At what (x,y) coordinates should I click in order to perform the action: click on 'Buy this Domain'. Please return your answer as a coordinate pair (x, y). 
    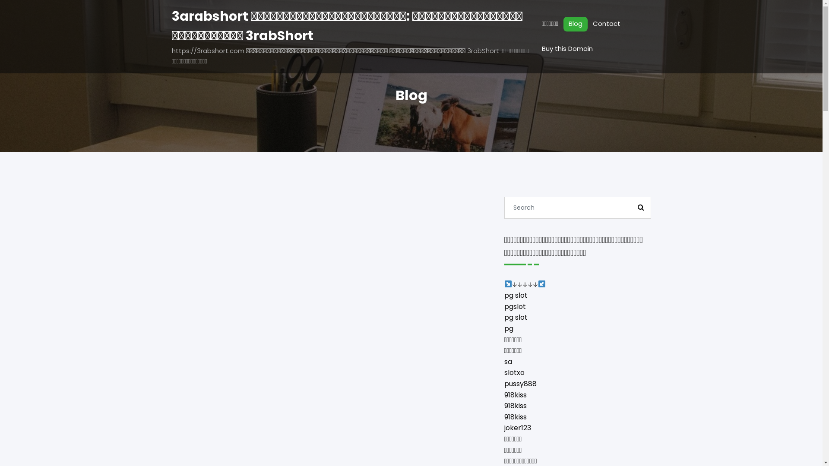
    Looking at the image, I should click on (567, 49).